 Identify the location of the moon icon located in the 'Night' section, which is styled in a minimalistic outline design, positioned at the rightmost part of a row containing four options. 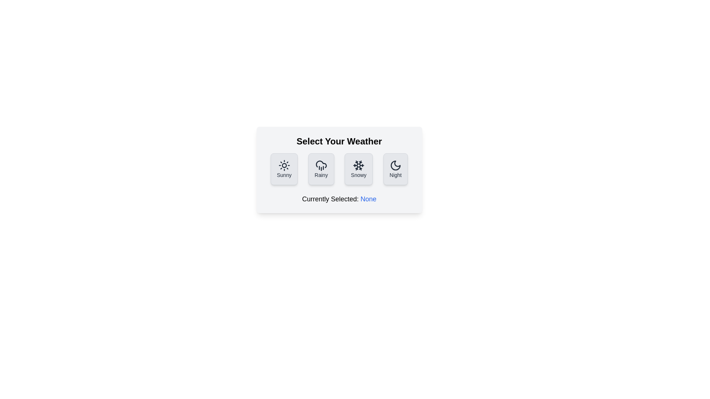
(395, 165).